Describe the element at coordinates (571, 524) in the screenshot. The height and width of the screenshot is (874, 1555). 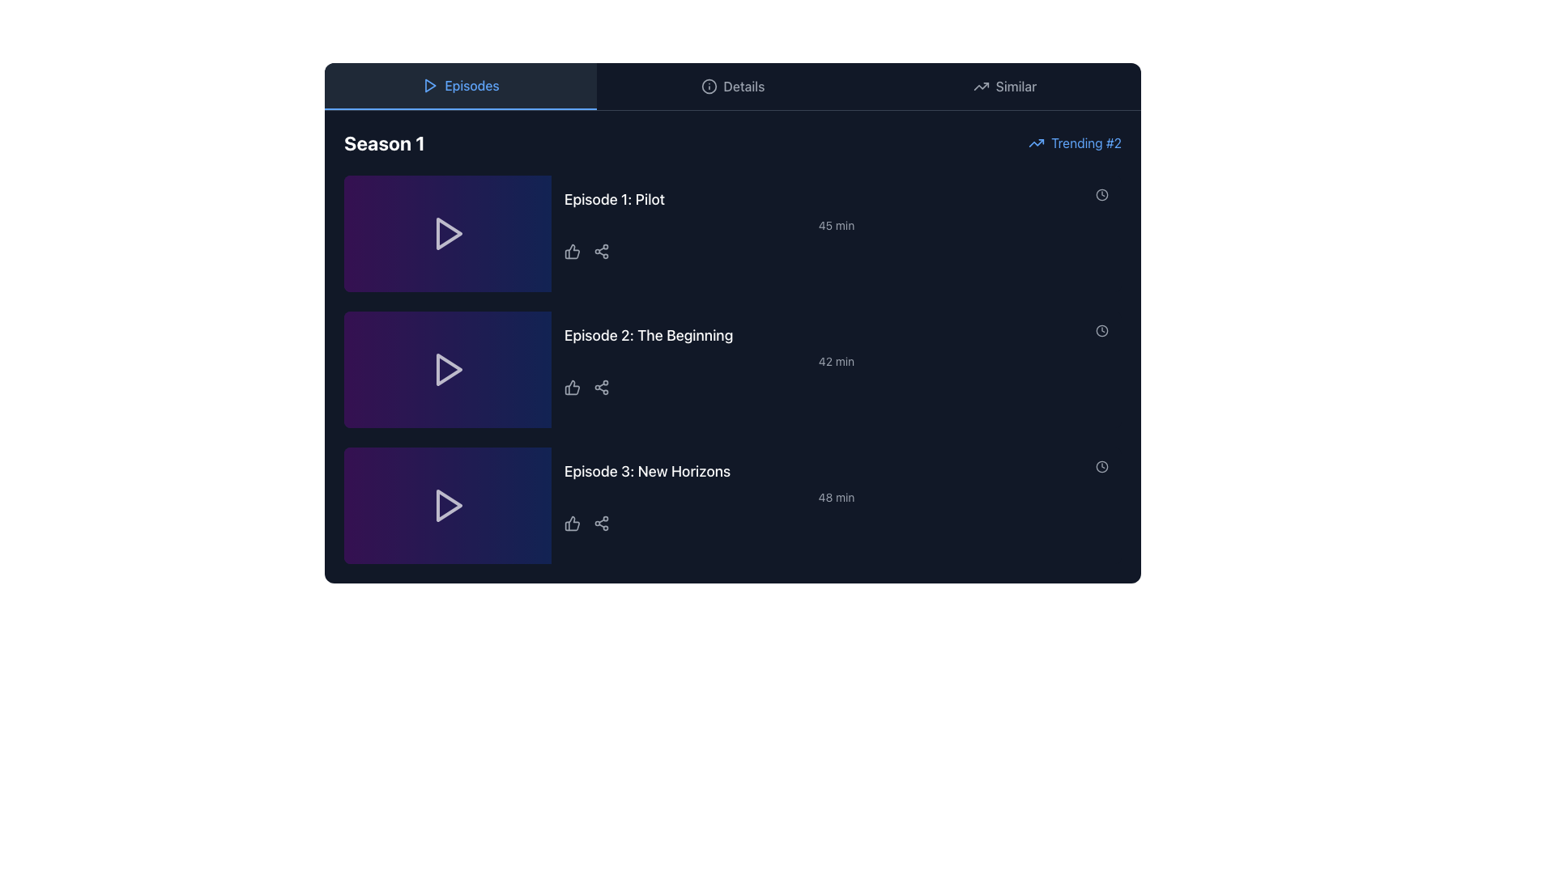
I see `the approval Icon button located directly to the right of the episode title 'Episode 3: New Horizons'` at that location.